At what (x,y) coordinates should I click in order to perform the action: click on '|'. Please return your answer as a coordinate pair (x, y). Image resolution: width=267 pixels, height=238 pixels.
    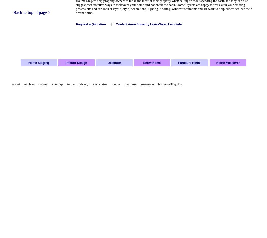
    Looking at the image, I should click on (111, 24).